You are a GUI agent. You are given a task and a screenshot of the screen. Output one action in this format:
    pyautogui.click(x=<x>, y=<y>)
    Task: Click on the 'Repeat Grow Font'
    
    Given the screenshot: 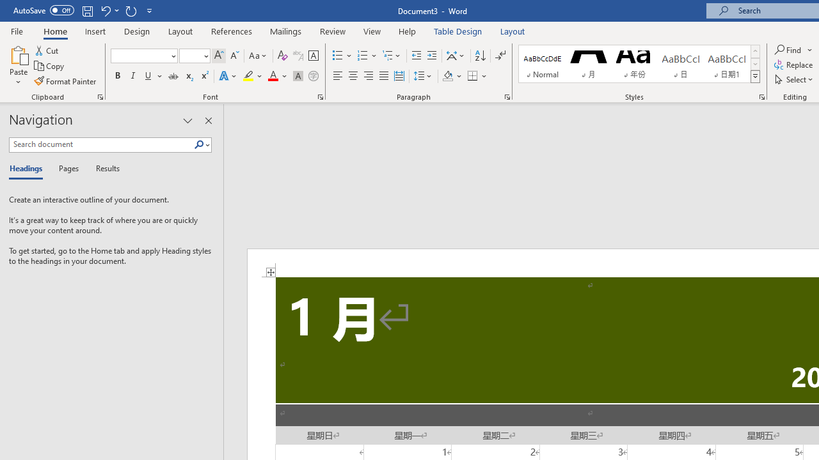 What is the action you would take?
    pyautogui.click(x=131, y=10)
    